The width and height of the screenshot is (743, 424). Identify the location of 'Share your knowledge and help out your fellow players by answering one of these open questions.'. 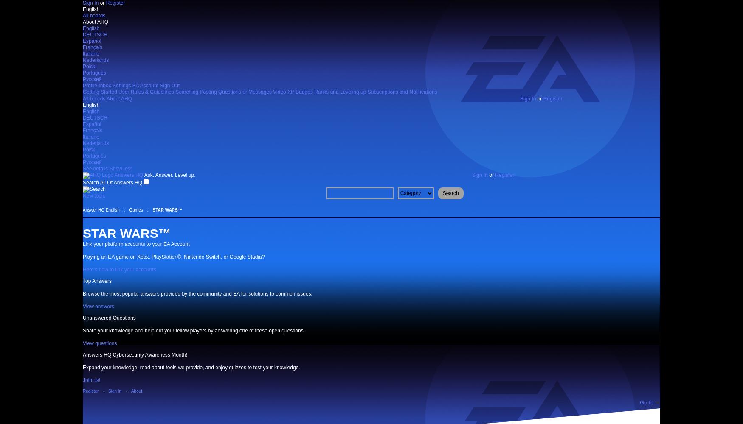
(82, 331).